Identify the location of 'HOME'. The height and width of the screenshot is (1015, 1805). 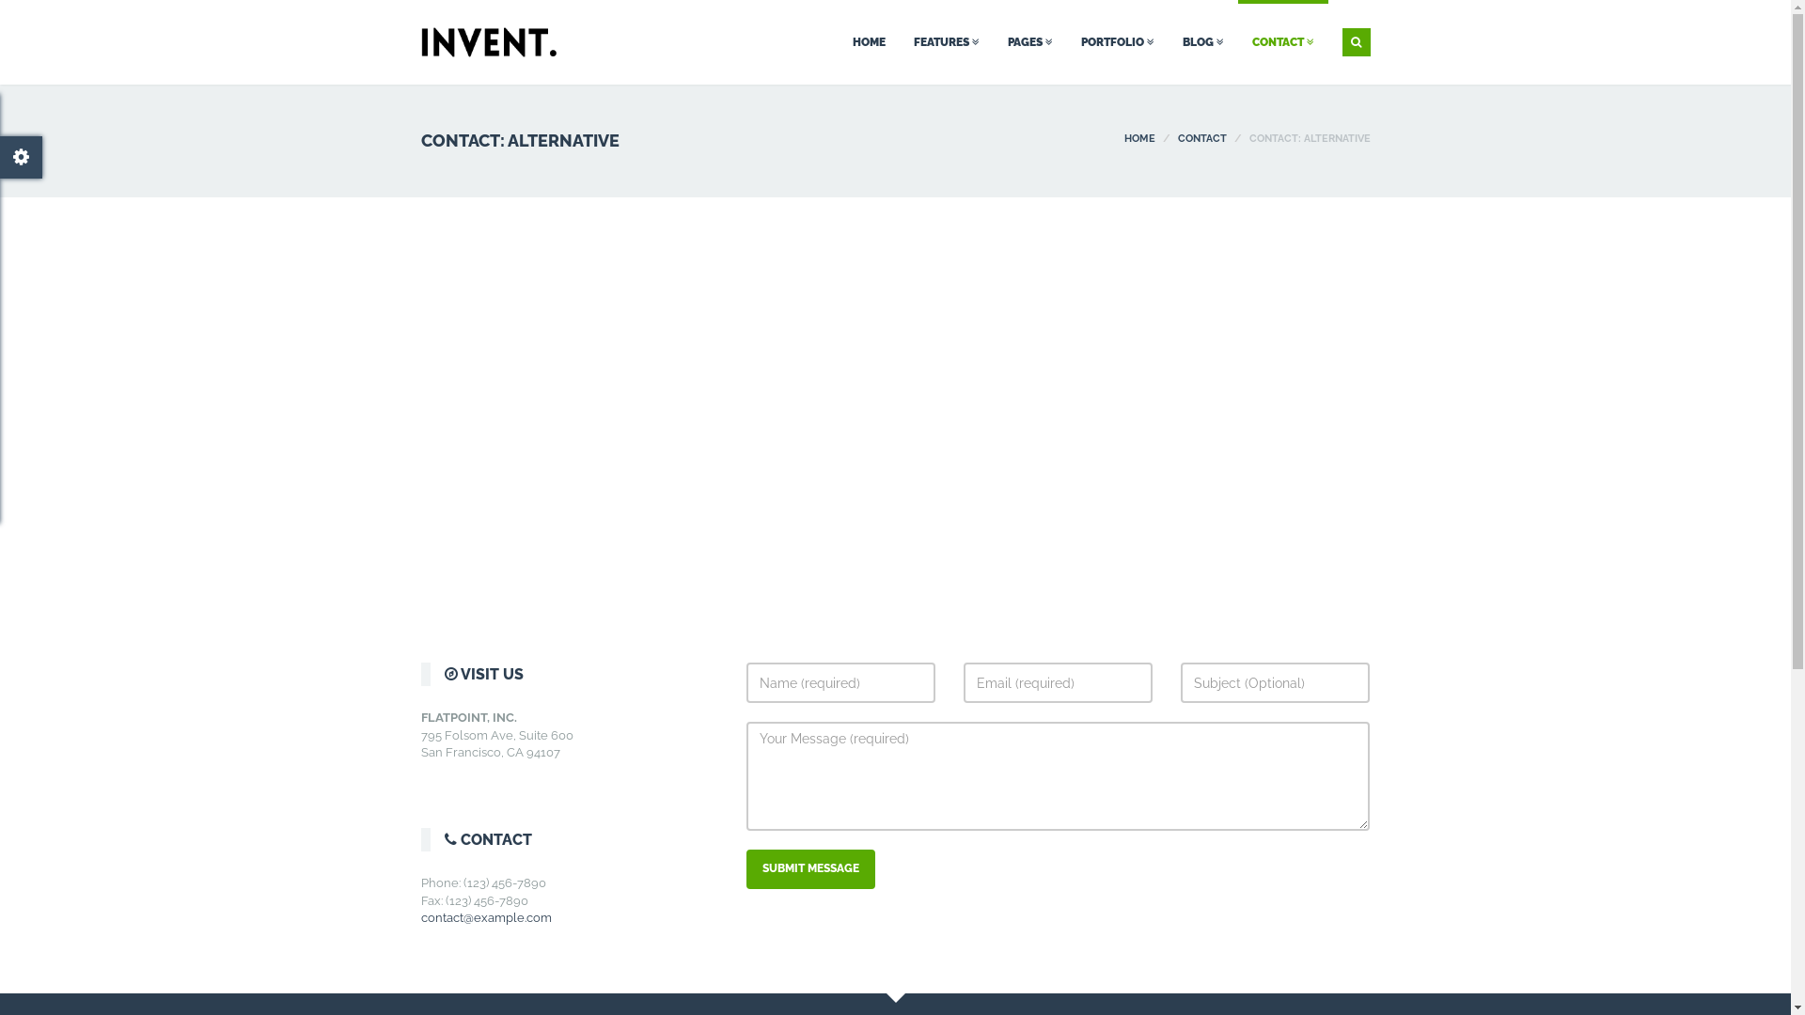
(1123, 137).